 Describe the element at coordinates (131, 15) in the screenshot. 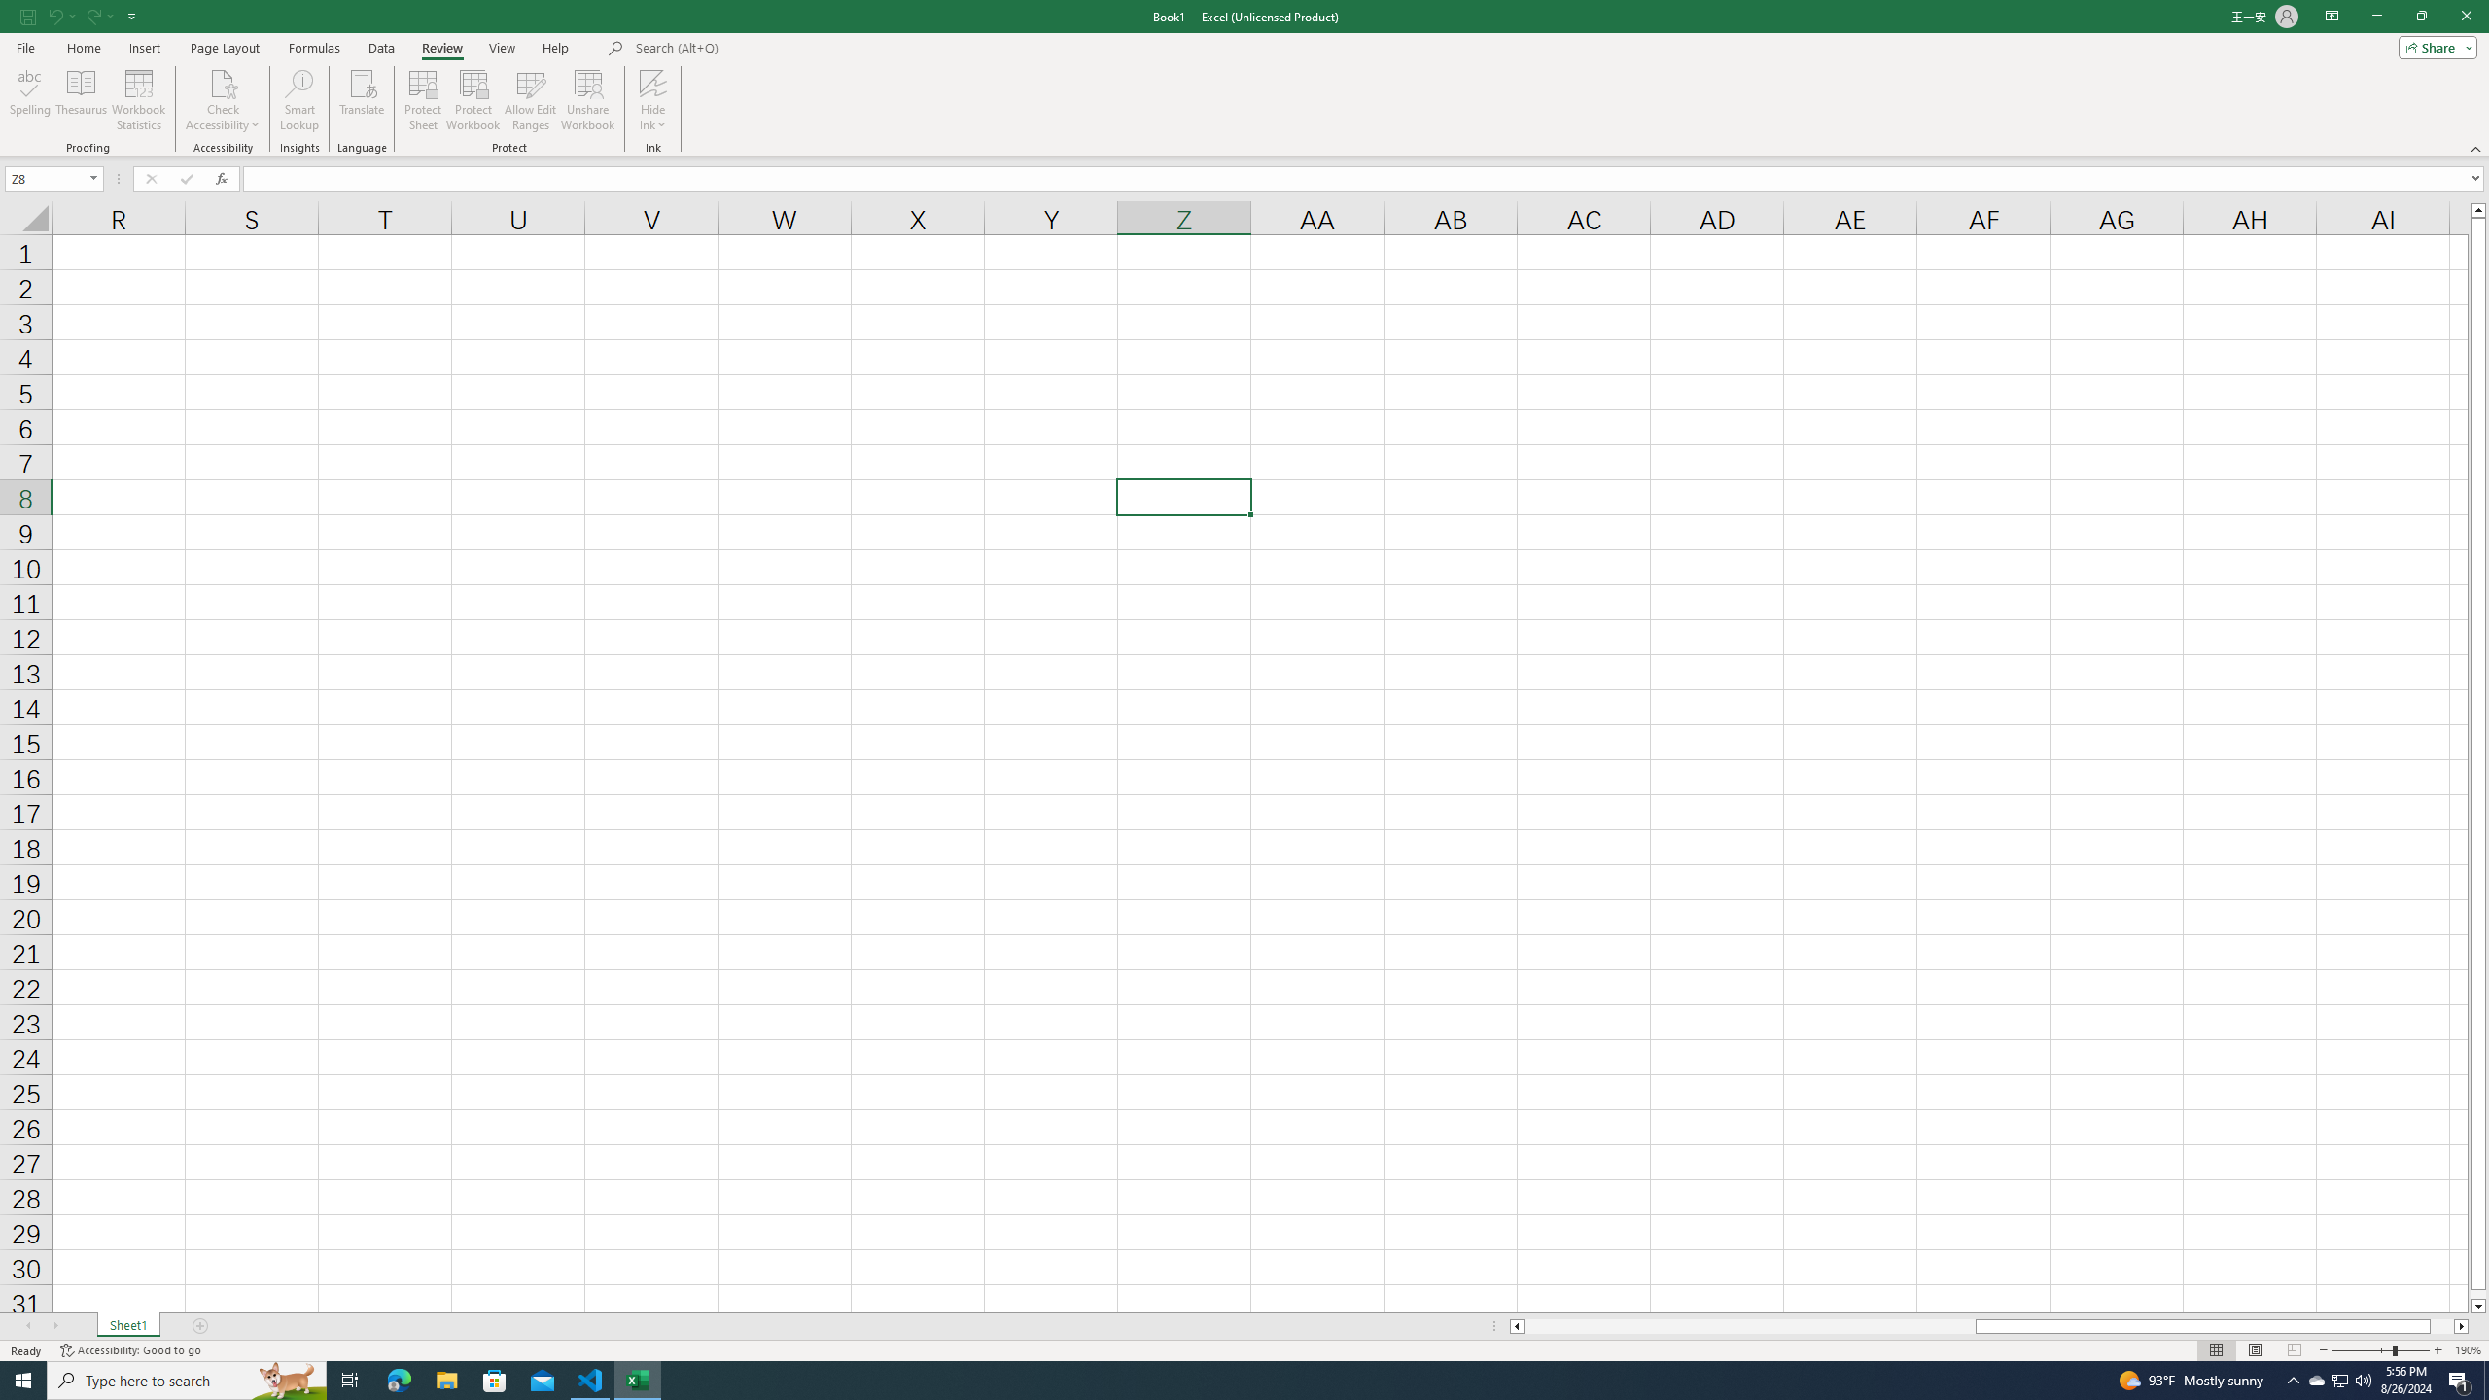

I see `'Customize Quick Access Toolbar'` at that location.